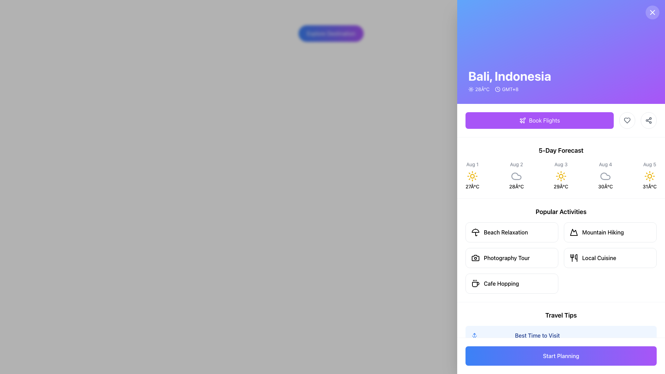  Describe the element at coordinates (478, 89) in the screenshot. I see `temperature information displayed as '28°C' next to the sun icon in the top left corner of the panel` at that location.